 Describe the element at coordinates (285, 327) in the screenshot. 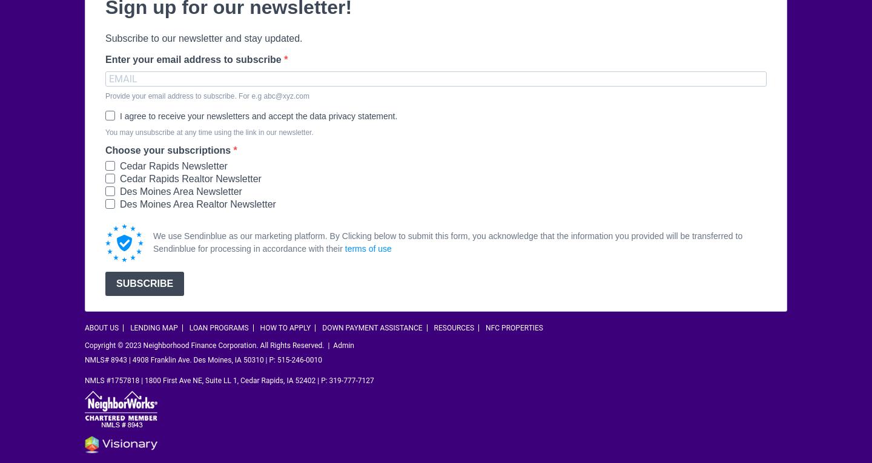

I see `'How To Apply'` at that location.